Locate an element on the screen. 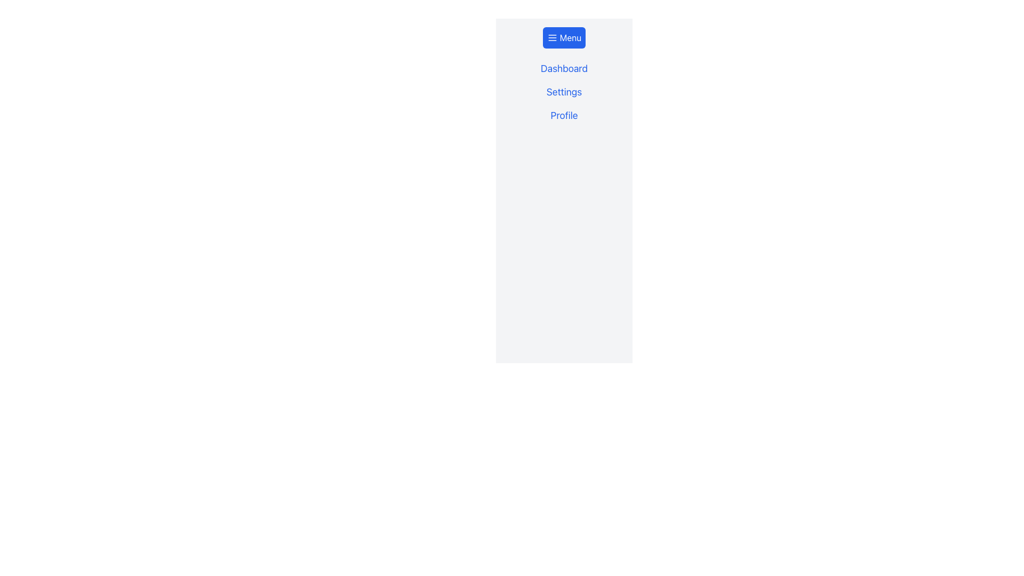  the 'Settings' text label, which is styled in blue and underlined on hover, located in the middle of a vertical list of three text labels is located at coordinates (563, 92).